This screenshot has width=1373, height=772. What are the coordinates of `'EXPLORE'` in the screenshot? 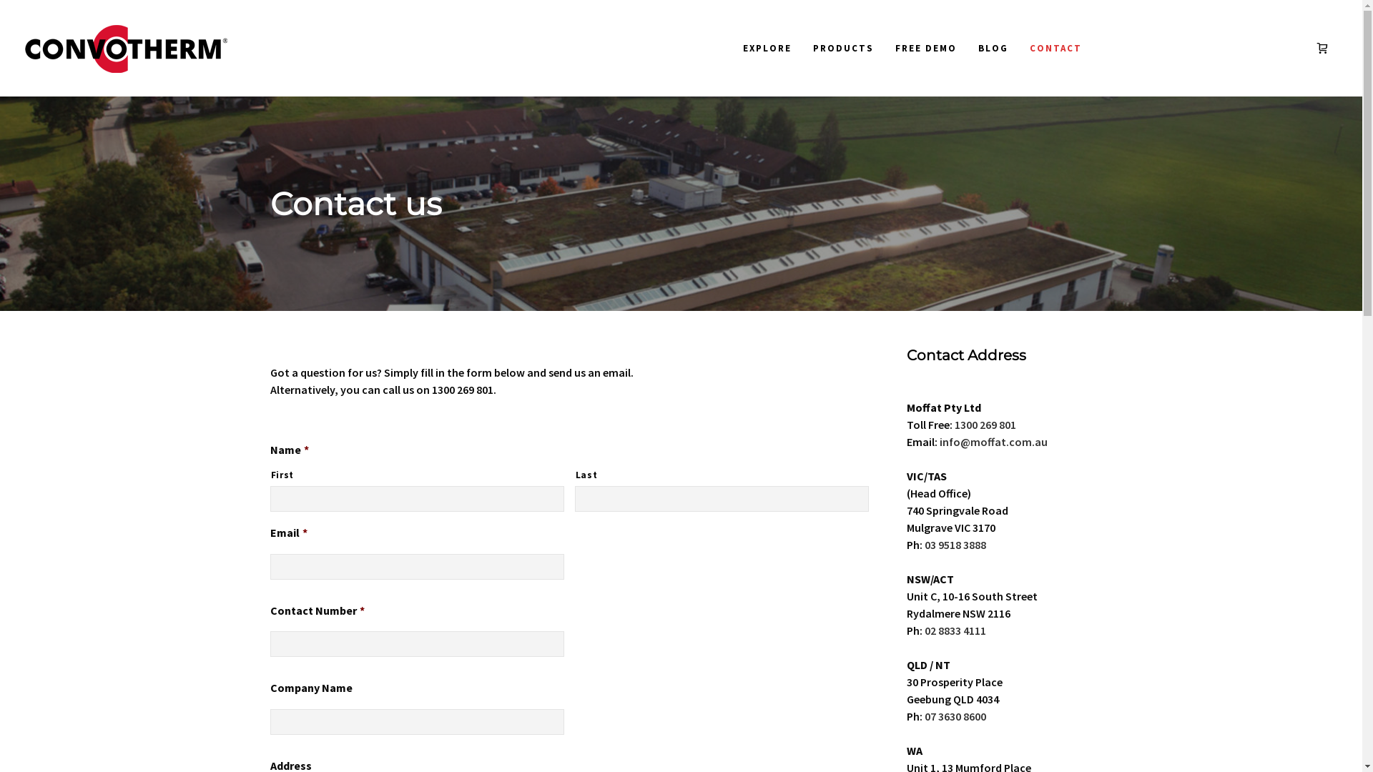 It's located at (767, 47).